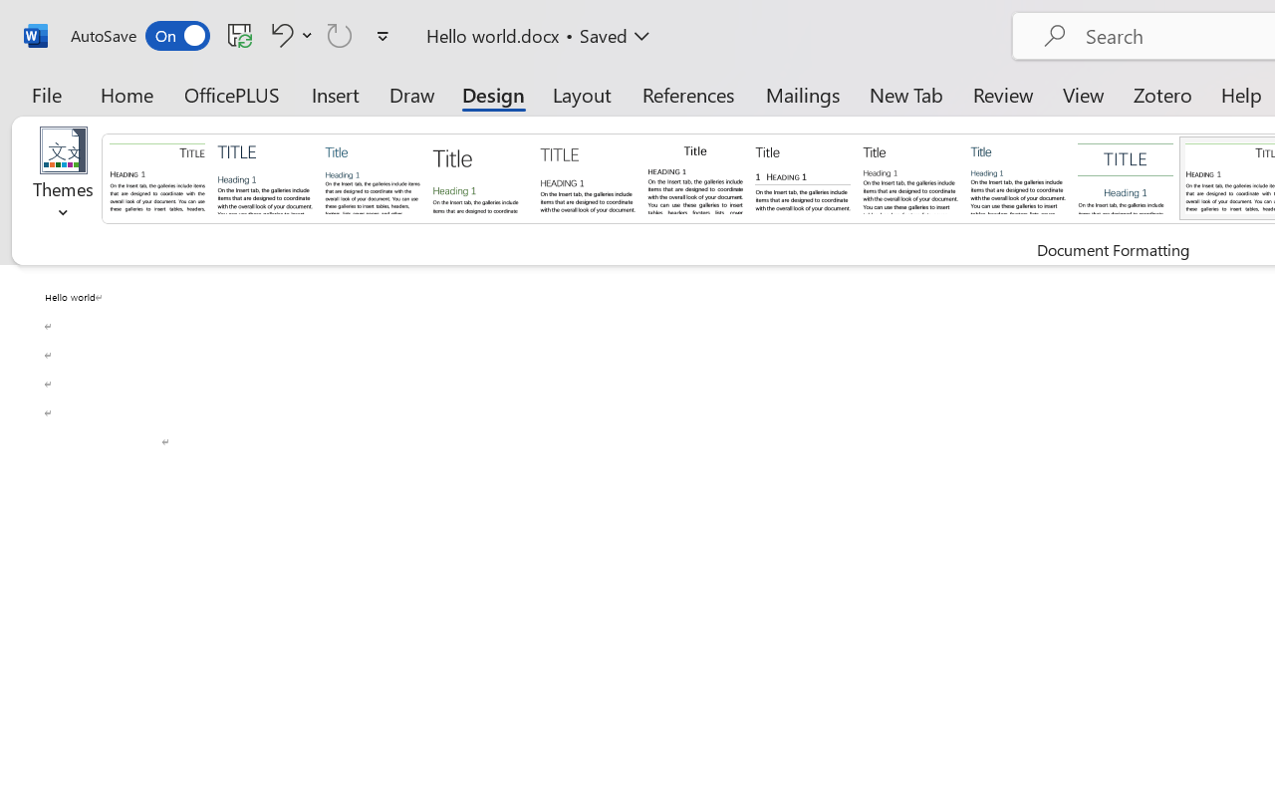 The image size is (1275, 797). What do you see at coordinates (46, 94) in the screenshot?
I see `'File Tab'` at bounding box center [46, 94].